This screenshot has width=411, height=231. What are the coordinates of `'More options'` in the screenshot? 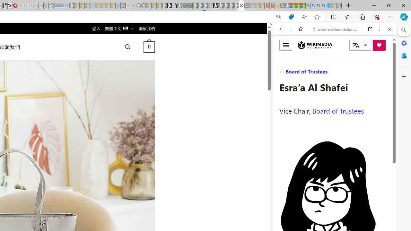 It's located at (380, 29).